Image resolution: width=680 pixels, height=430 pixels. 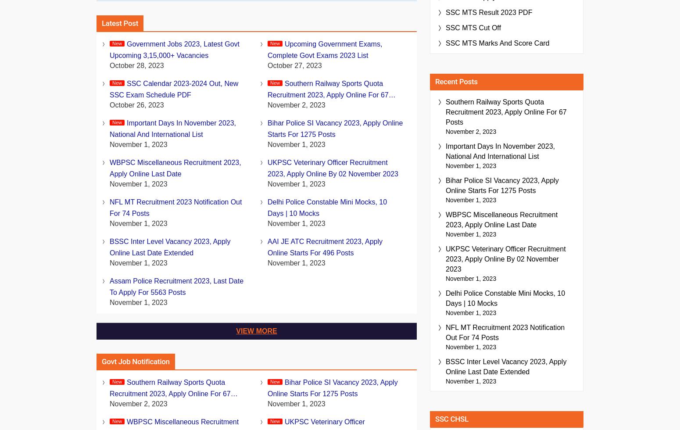 What do you see at coordinates (136, 105) in the screenshot?
I see `'October 26, 2023'` at bounding box center [136, 105].